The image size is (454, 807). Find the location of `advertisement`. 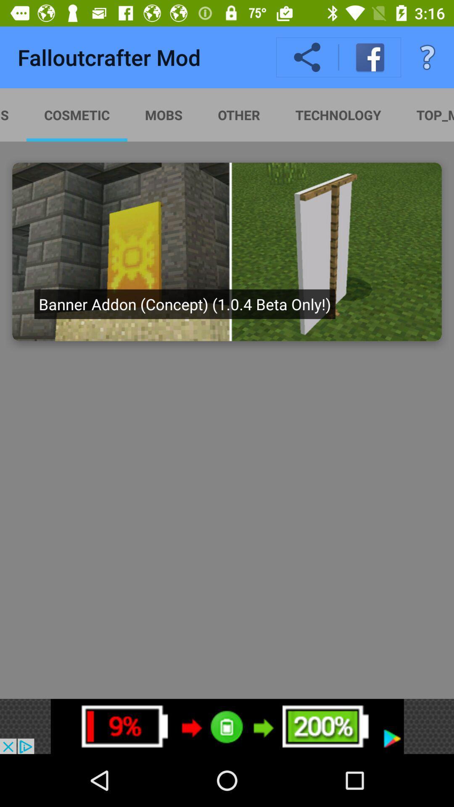

advertisement is located at coordinates (227, 726).